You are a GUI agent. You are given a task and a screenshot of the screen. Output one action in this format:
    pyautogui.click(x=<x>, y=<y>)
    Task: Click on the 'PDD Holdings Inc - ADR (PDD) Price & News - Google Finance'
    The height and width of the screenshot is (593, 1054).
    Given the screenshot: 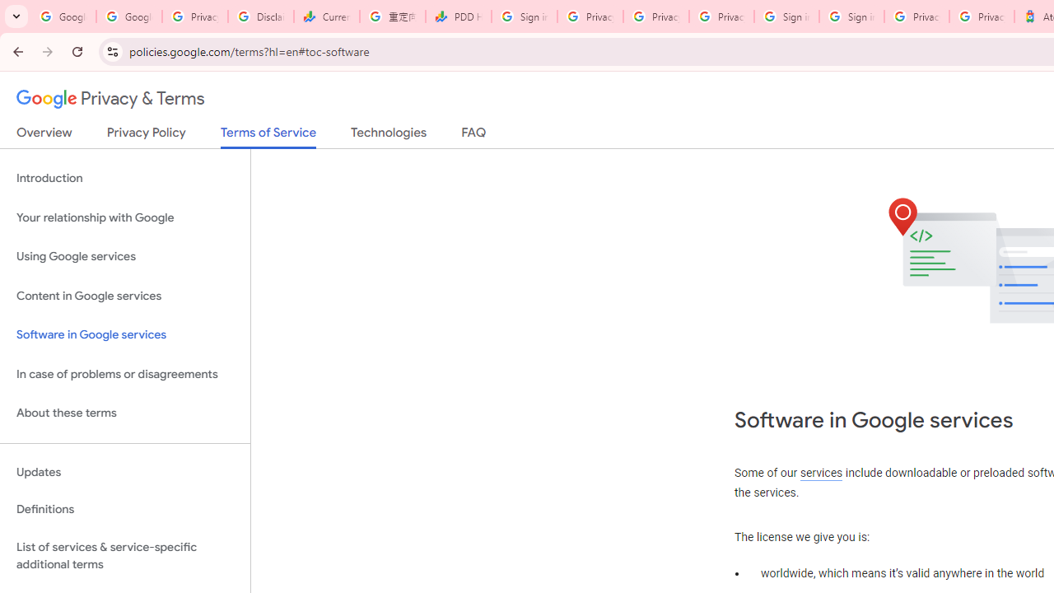 What is the action you would take?
    pyautogui.click(x=458, y=16)
    